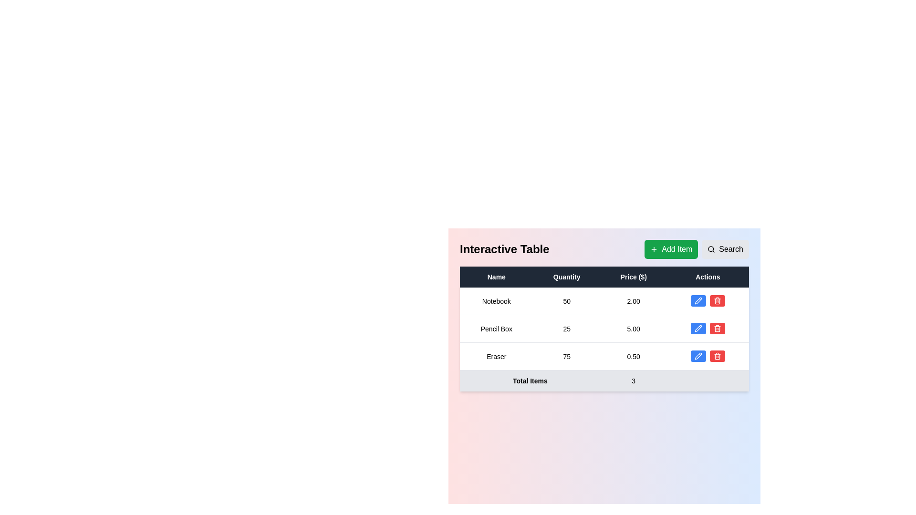 The height and width of the screenshot is (515, 916). Describe the element at coordinates (708, 277) in the screenshot. I see `the text label displaying 'Actions' located at the top right of the table header, which is on a dark background with white font` at that location.